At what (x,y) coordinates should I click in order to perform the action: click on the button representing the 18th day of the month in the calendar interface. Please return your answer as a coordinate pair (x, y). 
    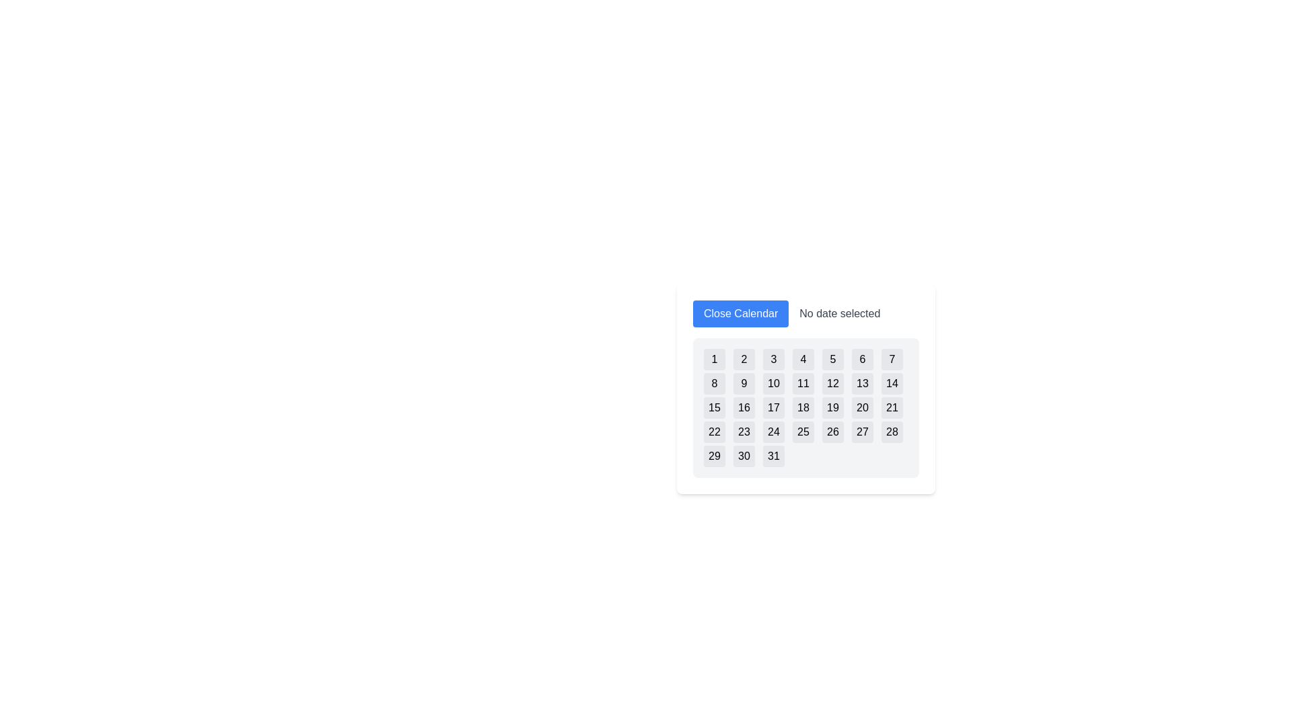
    Looking at the image, I should click on (803, 407).